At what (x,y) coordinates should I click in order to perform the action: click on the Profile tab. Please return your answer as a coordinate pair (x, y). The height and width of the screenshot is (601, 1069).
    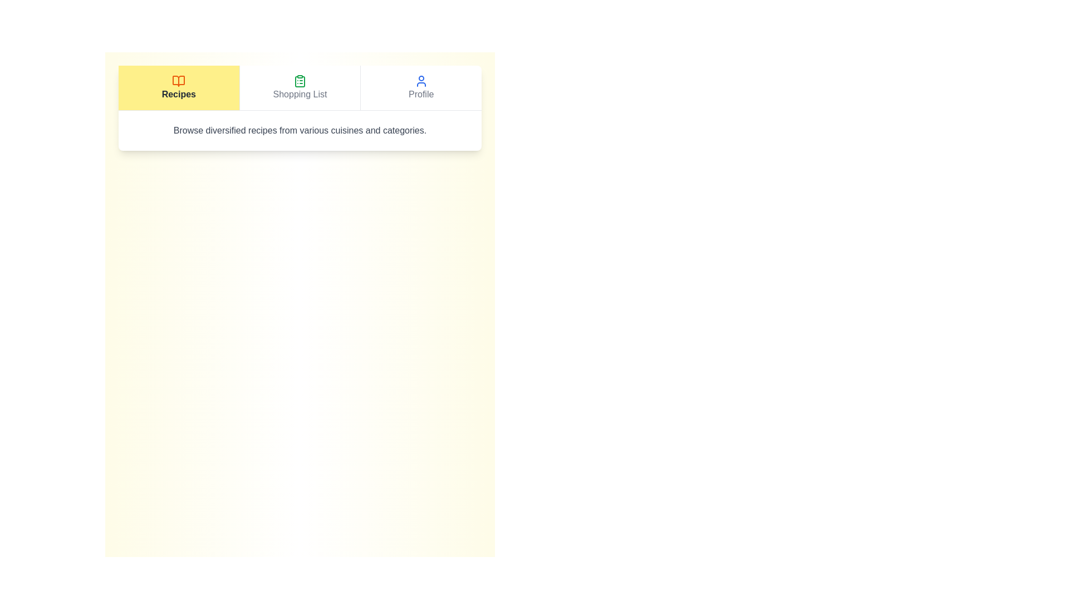
    Looking at the image, I should click on (420, 87).